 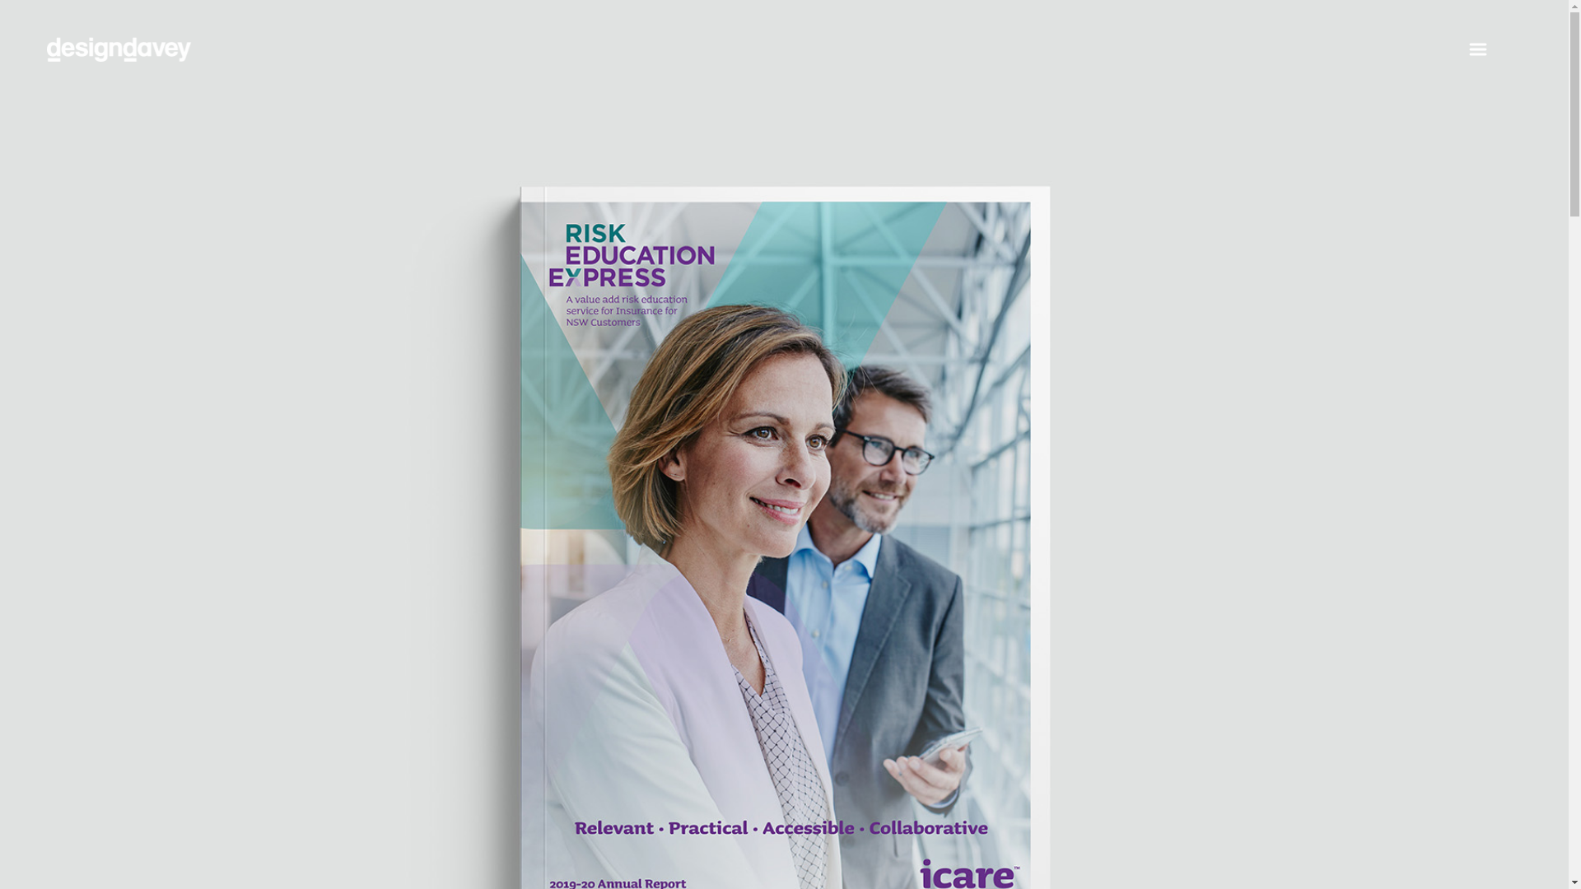 What do you see at coordinates (118, 59) in the screenshot?
I see `'Home'` at bounding box center [118, 59].